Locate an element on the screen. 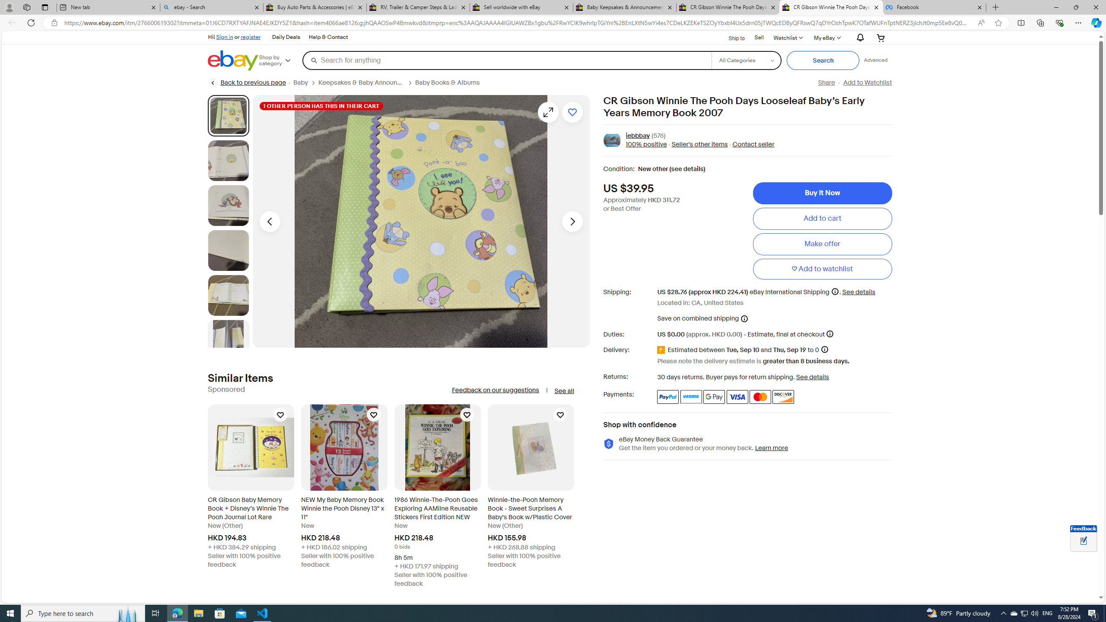 This screenshot has width=1106, height=622. 'Add to cart' is located at coordinates (822, 218).